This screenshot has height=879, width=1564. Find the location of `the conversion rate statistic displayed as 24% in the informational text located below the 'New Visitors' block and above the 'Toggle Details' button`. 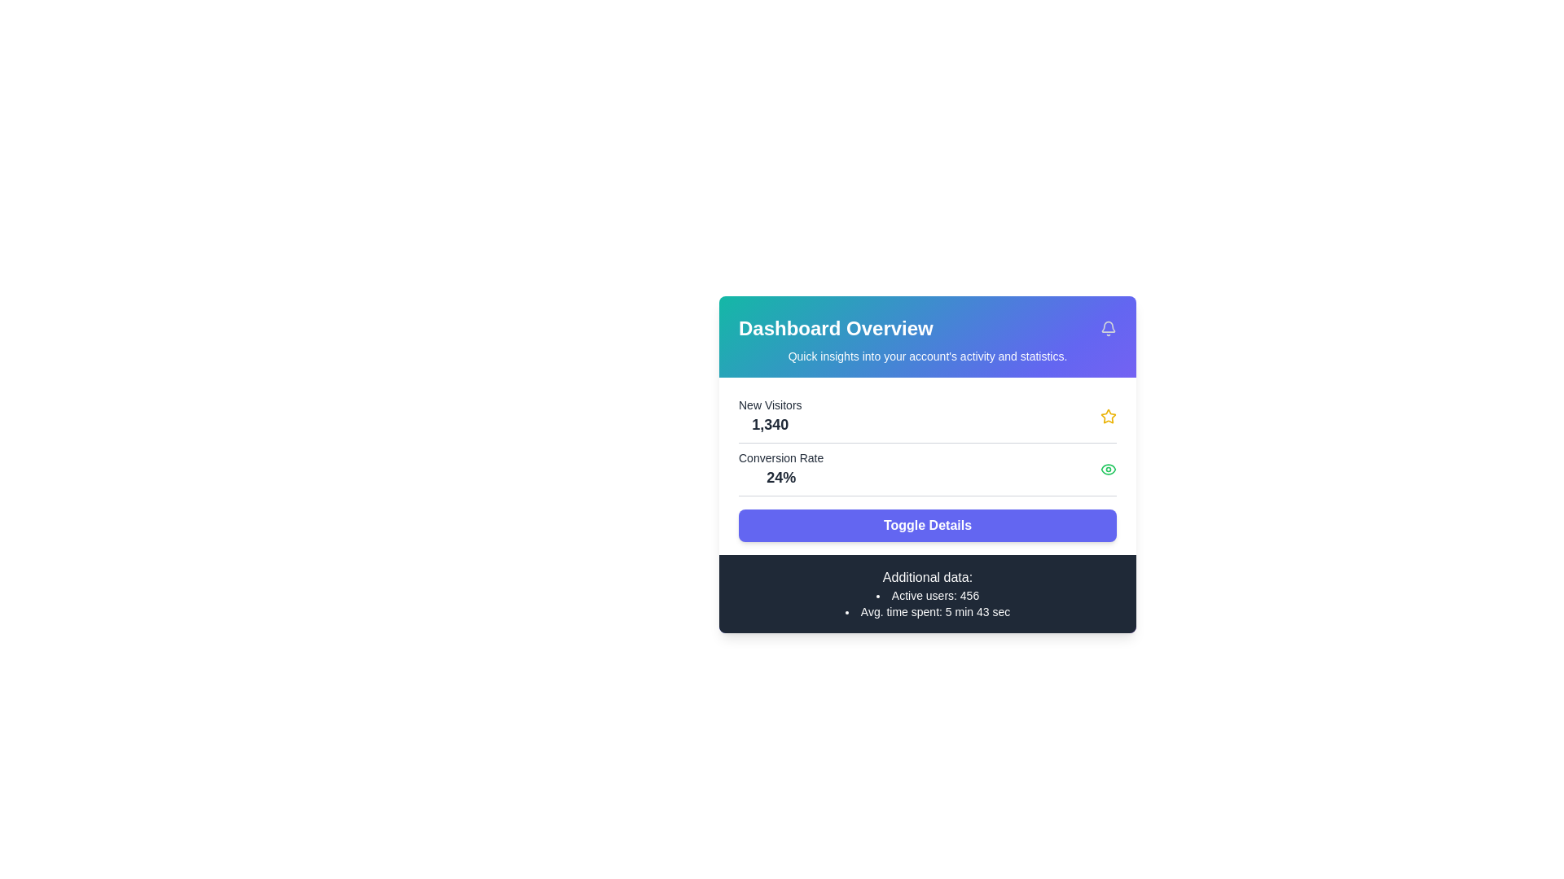

the conversion rate statistic displayed as 24% in the informational text located below the 'New Visitors' block and above the 'Toggle Details' button is located at coordinates (927, 470).